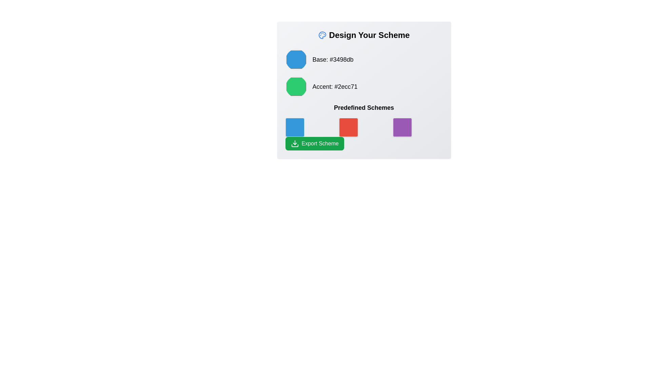  Describe the element at coordinates (363, 107) in the screenshot. I see `the text label indicating predefined color schemes located below the 'Accent: #2ecc71' label and above the grid of color samples` at that location.